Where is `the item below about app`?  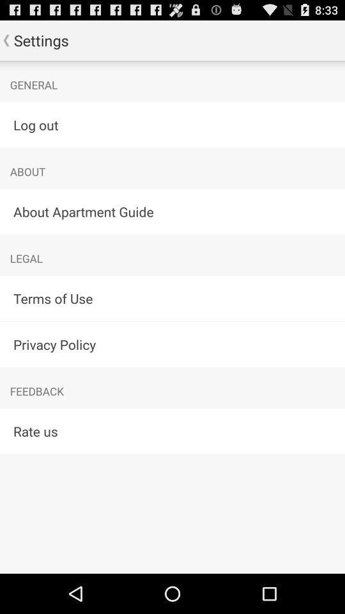
the item below about app is located at coordinates (172, 211).